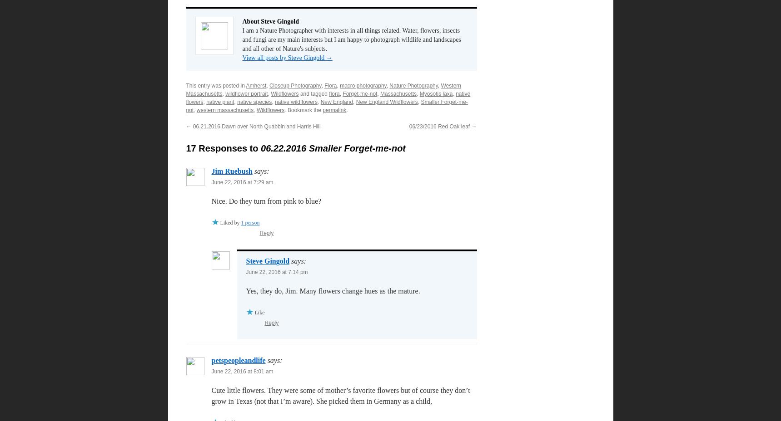 The width and height of the screenshot is (781, 421). Describe the element at coordinates (334, 94) in the screenshot. I see `'flora'` at that location.